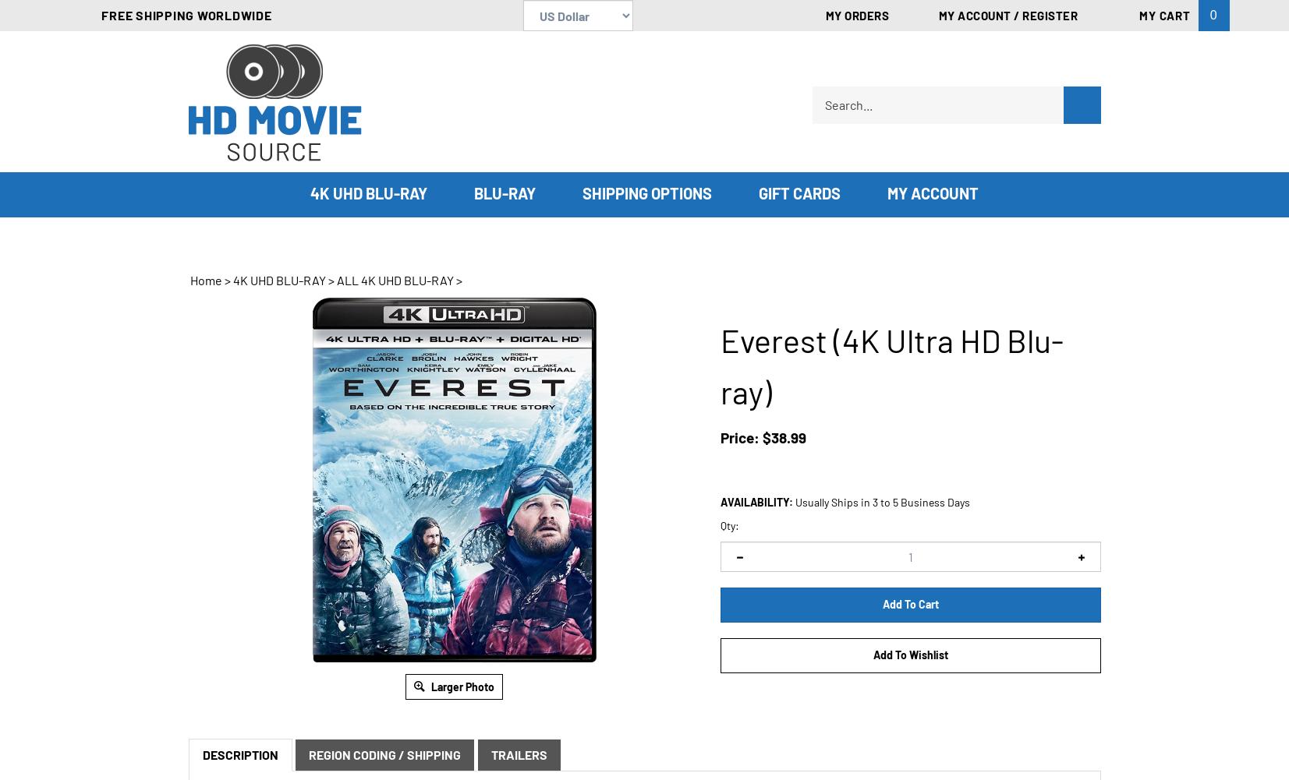 The image size is (1289, 780). Describe the element at coordinates (739, 436) in the screenshot. I see `'Price:'` at that location.